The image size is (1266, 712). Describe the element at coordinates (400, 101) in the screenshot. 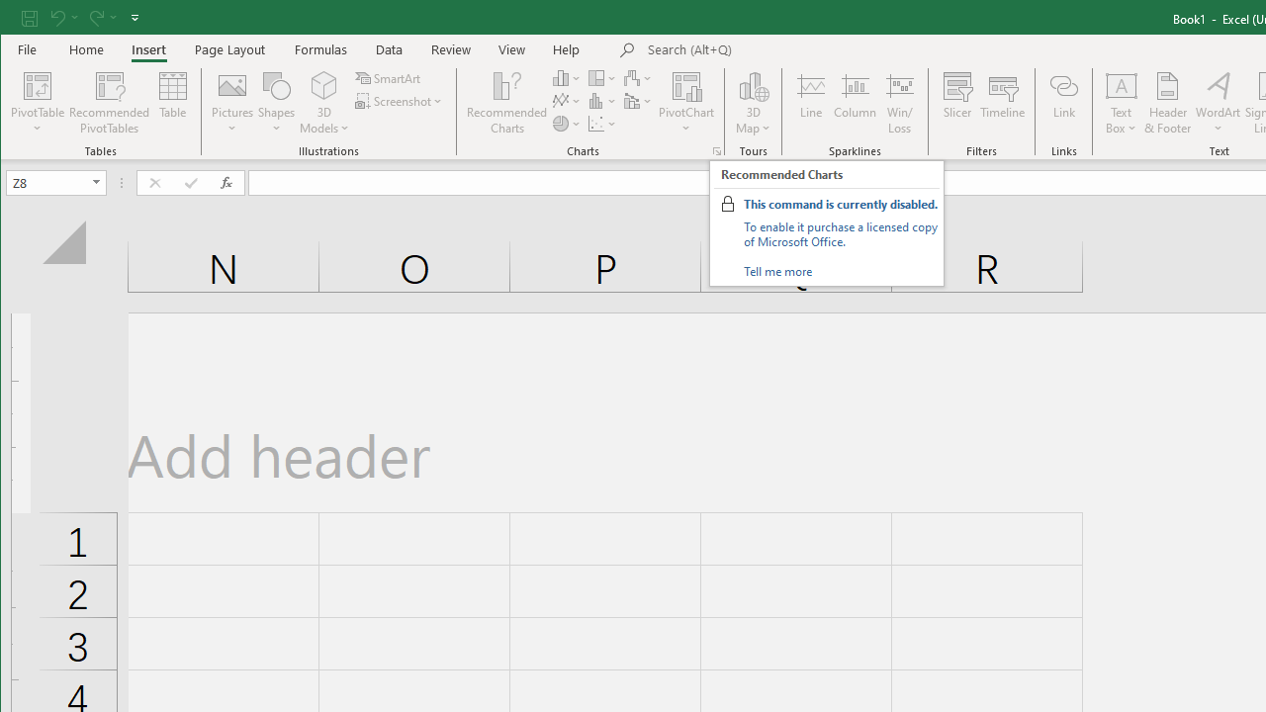

I see `'Screenshot'` at that location.